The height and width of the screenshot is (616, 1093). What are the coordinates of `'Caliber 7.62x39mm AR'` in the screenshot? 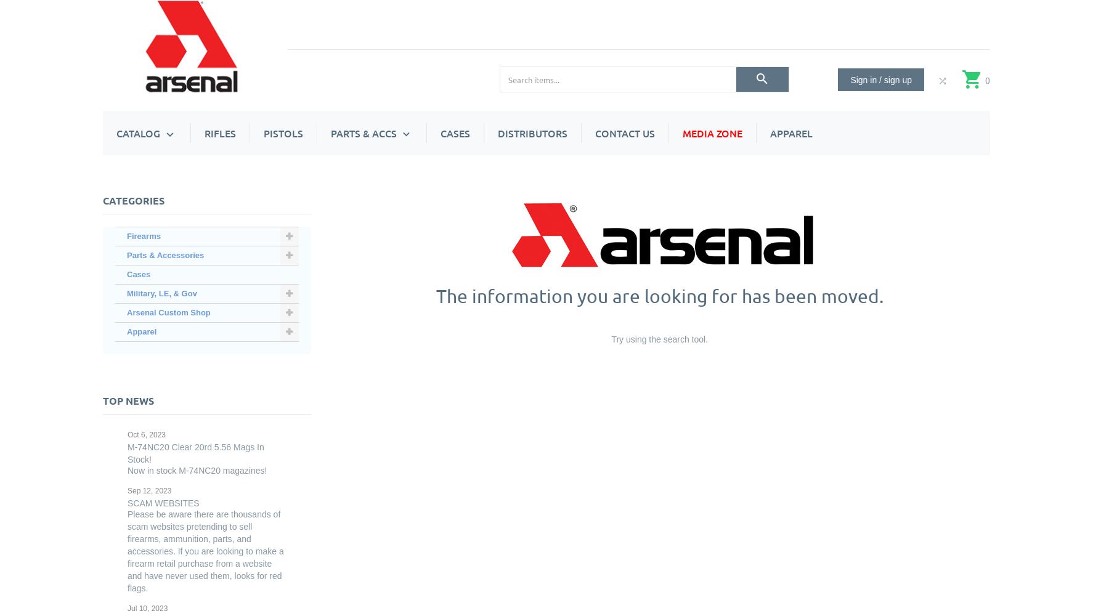 It's located at (473, 216).